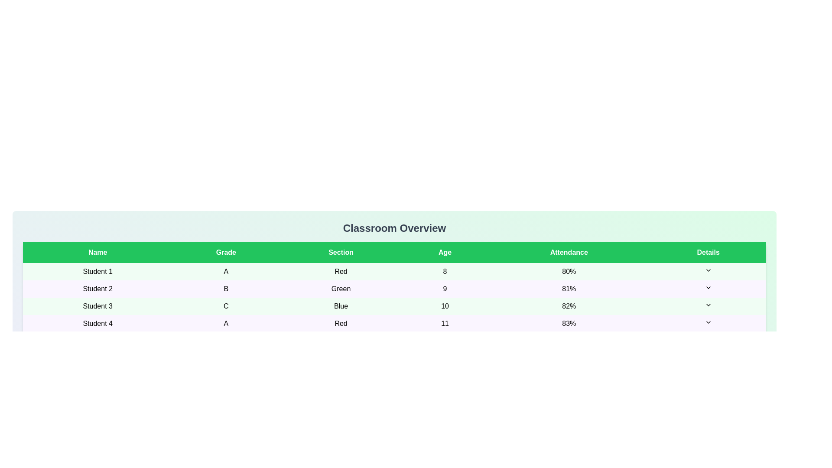 Image resolution: width=832 pixels, height=468 pixels. What do you see at coordinates (226, 252) in the screenshot?
I see `the header Grade to sort the table by that column` at bounding box center [226, 252].